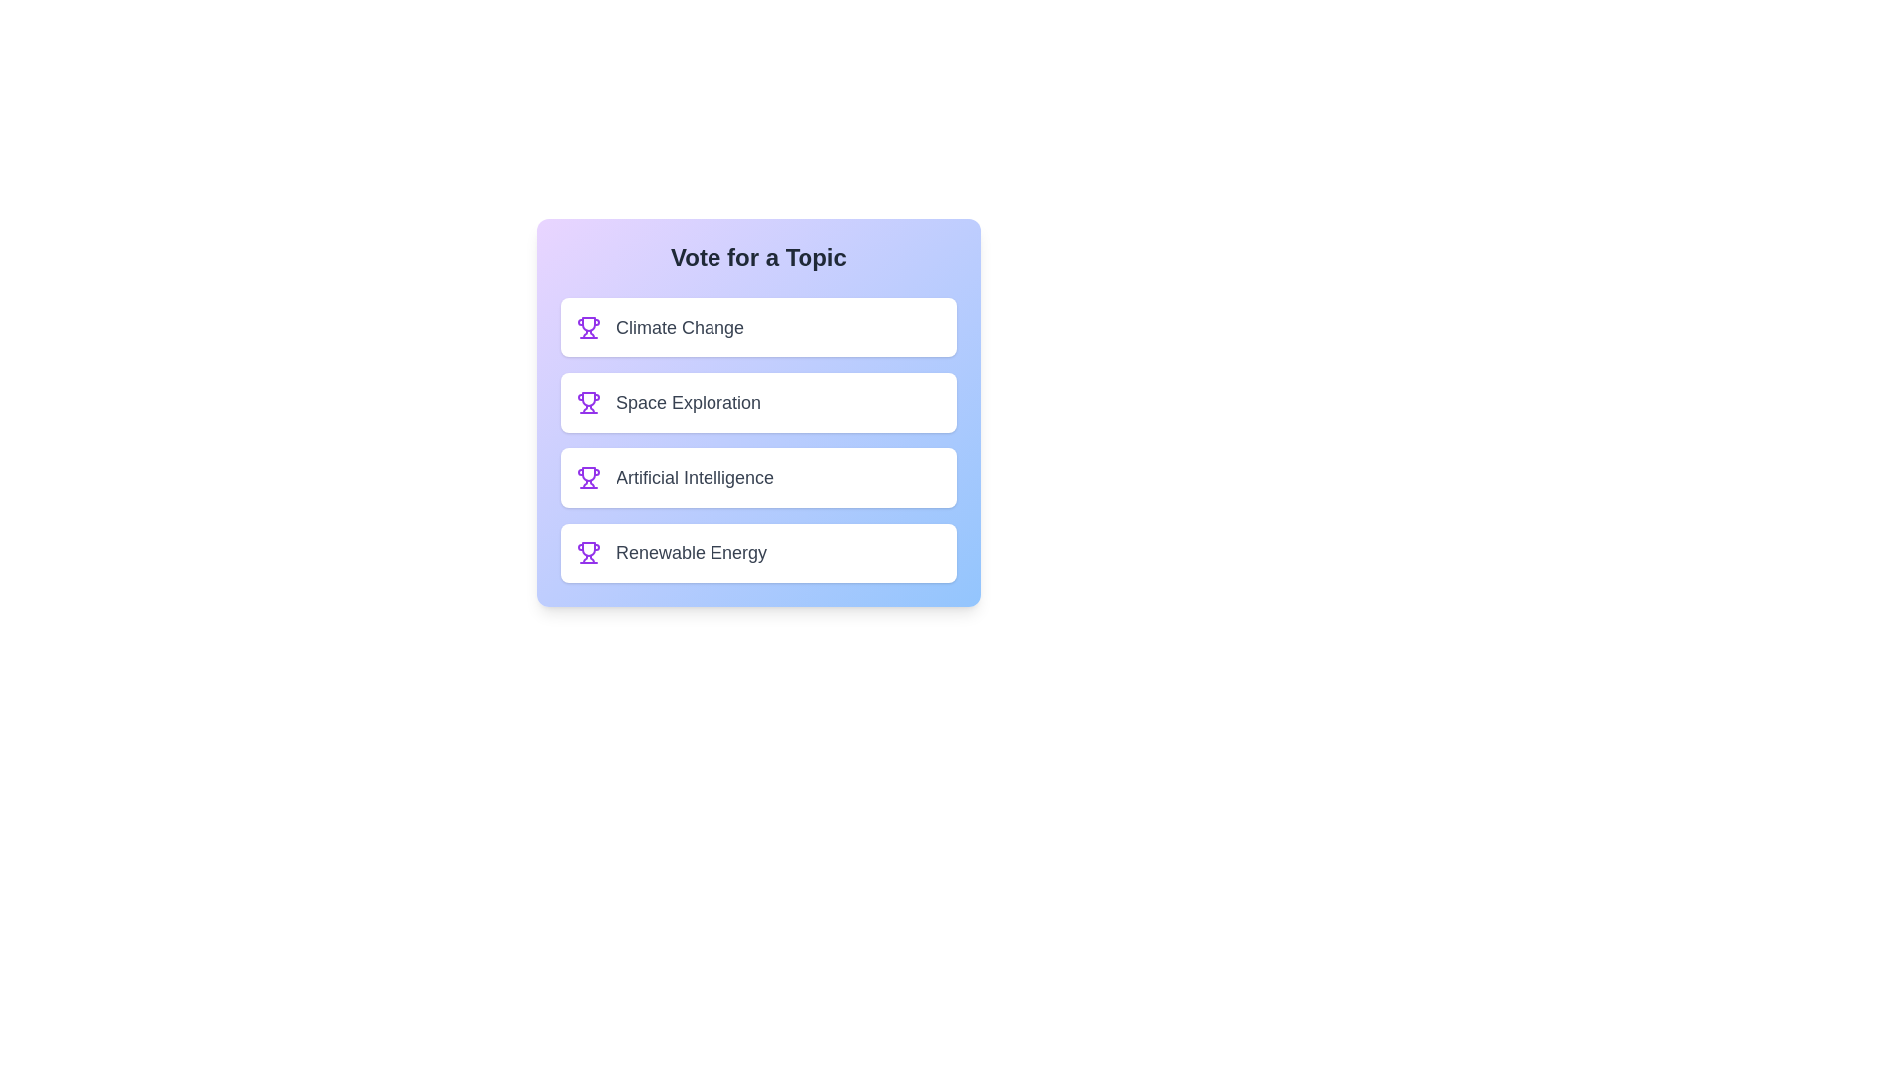 The width and height of the screenshot is (1900, 1069). I want to click on the purple trophy icon styled in a flat design, located next to the text 'Climate Change' in the top-left corner of the first clickable card, so click(588, 327).